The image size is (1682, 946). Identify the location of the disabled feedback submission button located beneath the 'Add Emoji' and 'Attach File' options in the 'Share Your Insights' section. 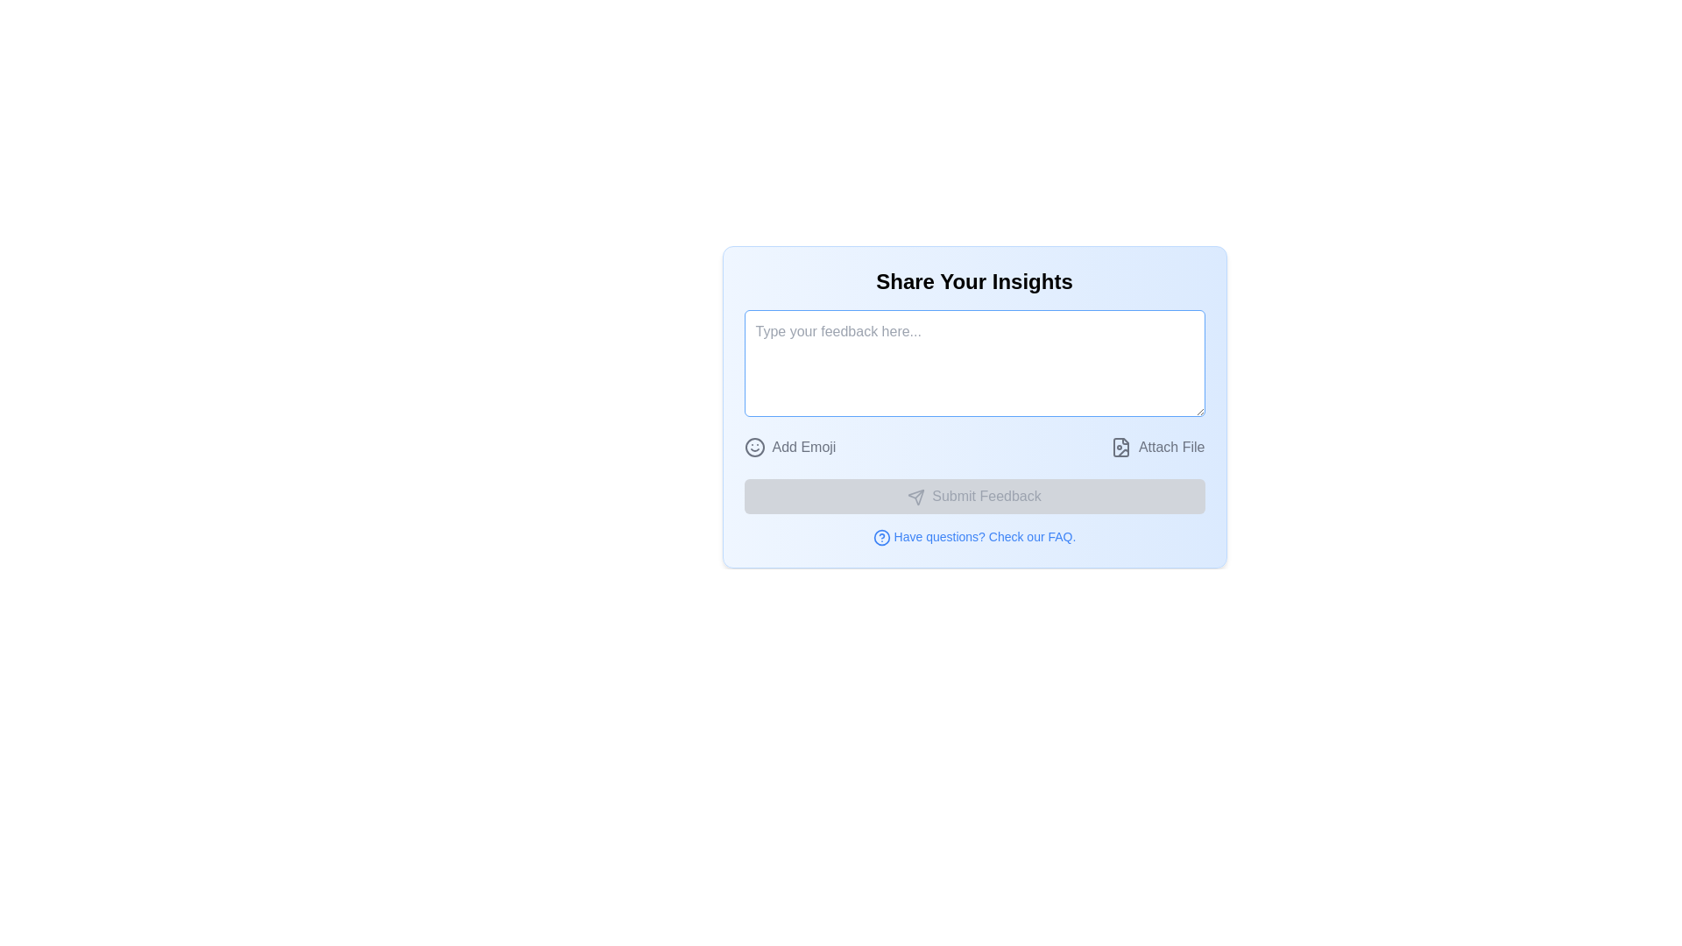
(973, 497).